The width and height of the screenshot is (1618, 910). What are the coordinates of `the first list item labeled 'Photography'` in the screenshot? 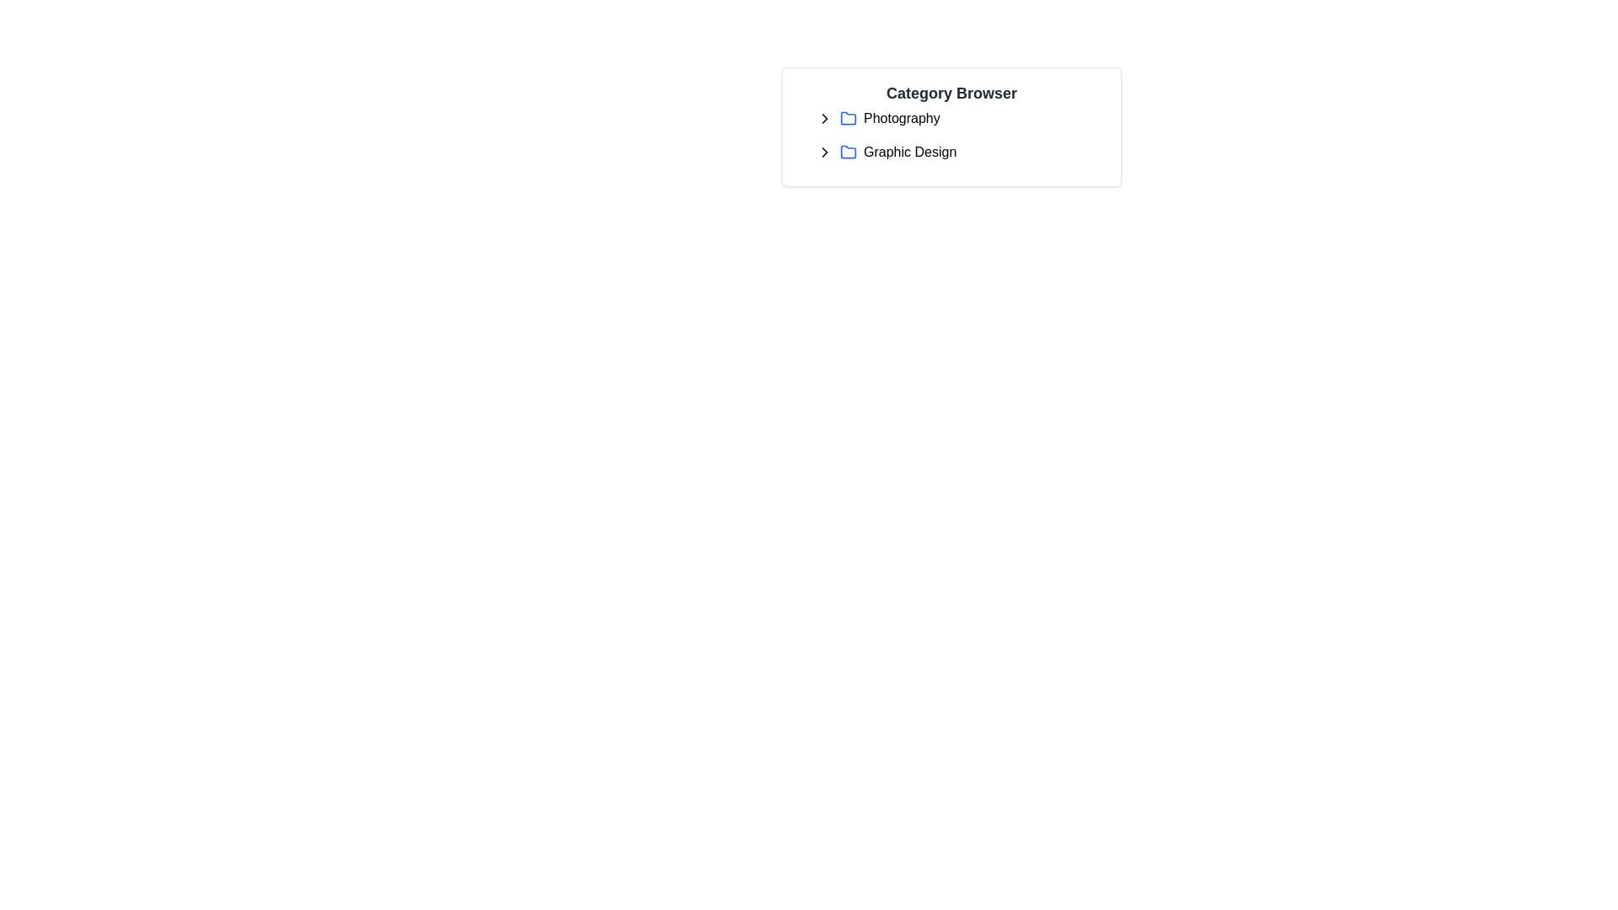 It's located at (958, 118).